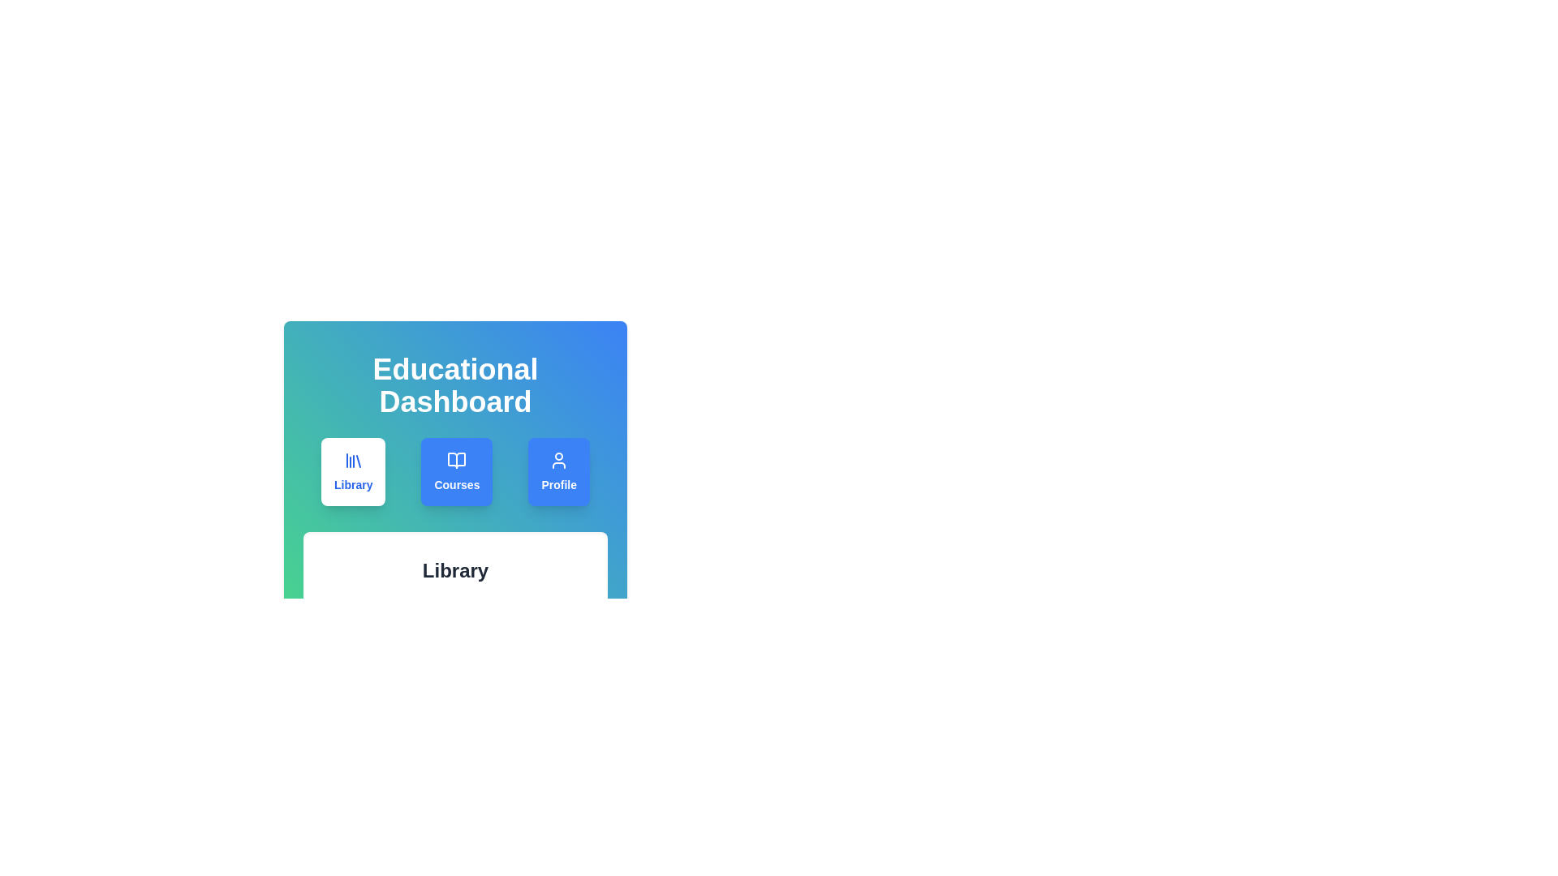  I want to click on the Courses tab by clicking on its button, so click(456, 472).